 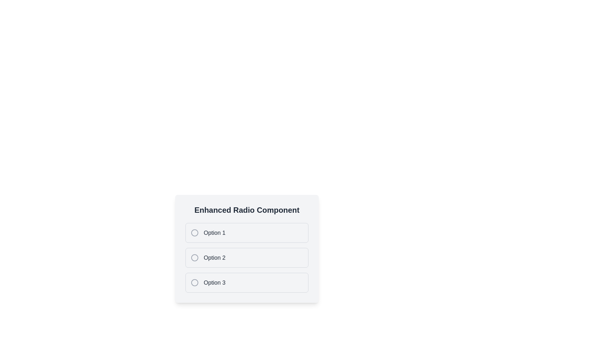 What do you see at coordinates (215, 282) in the screenshot?
I see `the text label displaying 'Option 3', which is styled with a large gray font and is part of the third radio option in a vertical list` at bounding box center [215, 282].